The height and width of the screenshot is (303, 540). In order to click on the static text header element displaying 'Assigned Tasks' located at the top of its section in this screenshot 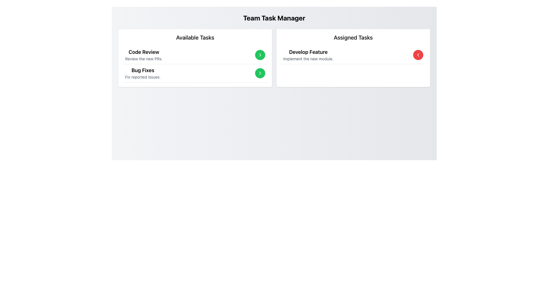, I will do `click(353, 38)`.